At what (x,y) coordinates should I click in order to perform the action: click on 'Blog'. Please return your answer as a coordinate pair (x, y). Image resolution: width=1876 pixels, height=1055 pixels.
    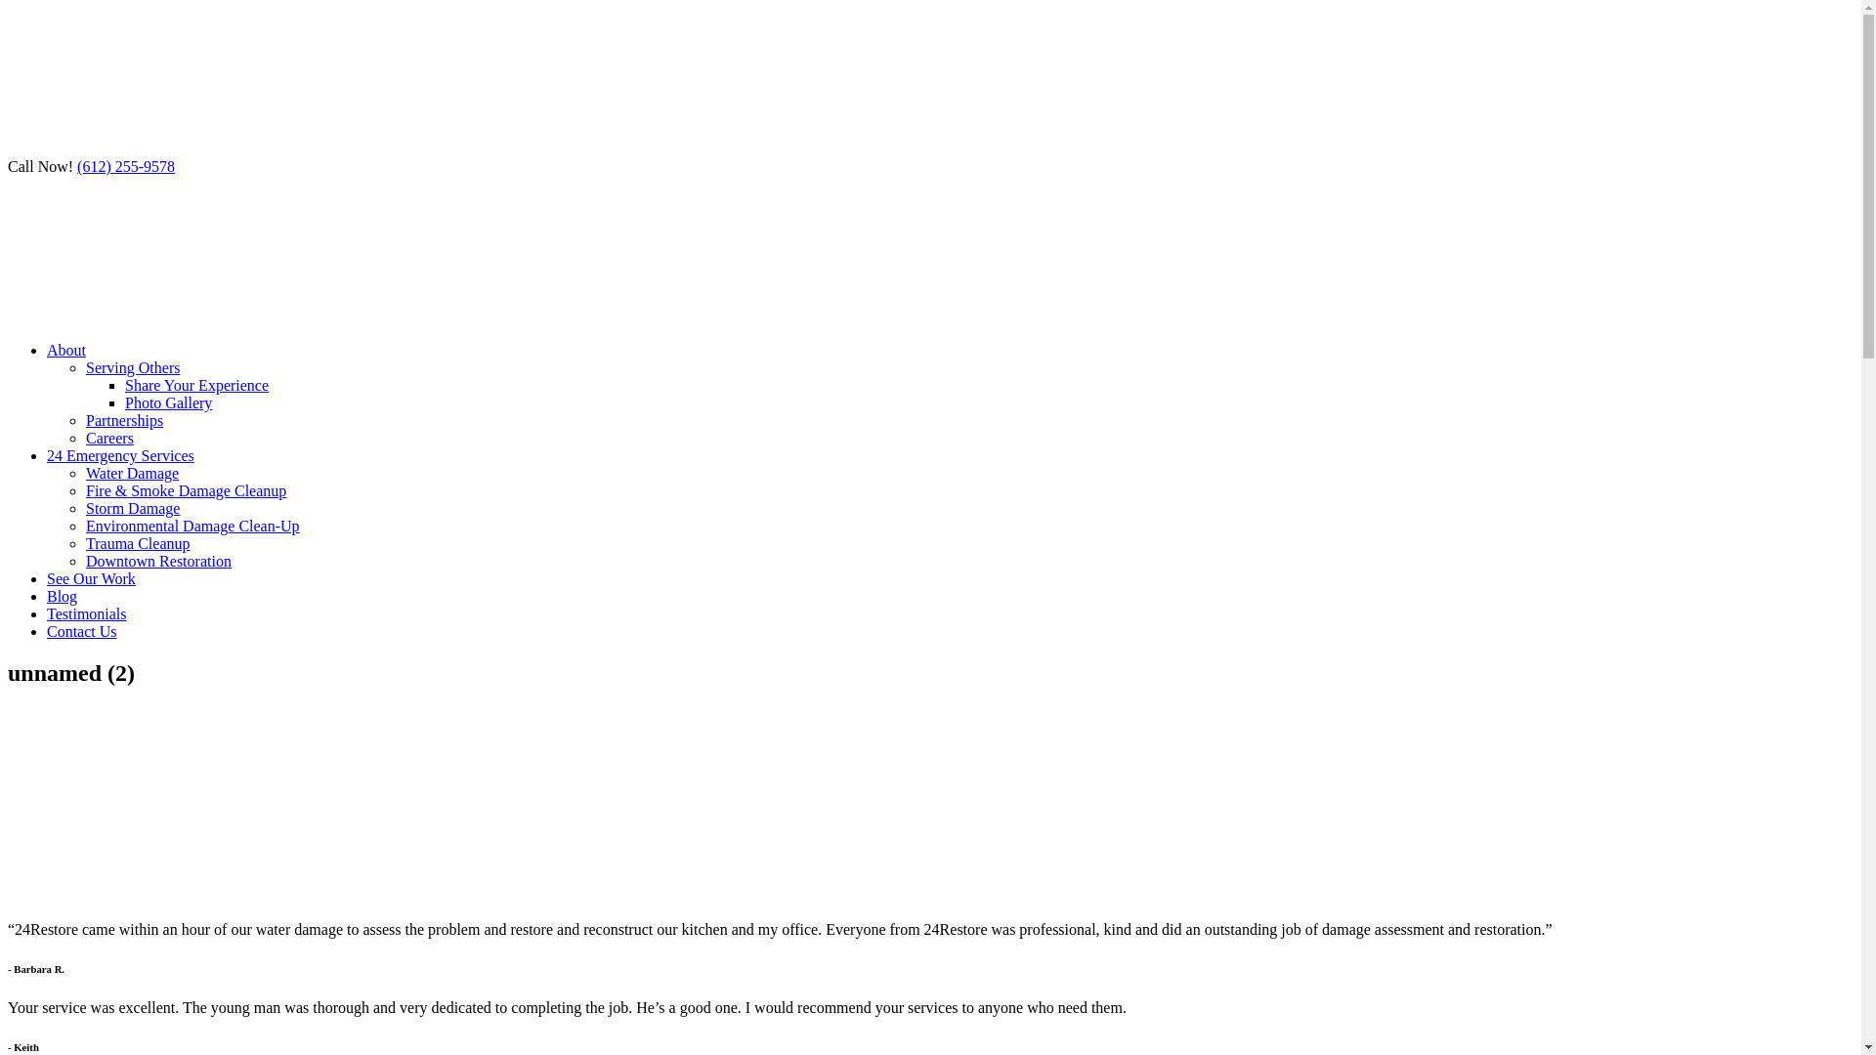
    Looking at the image, I should click on (62, 595).